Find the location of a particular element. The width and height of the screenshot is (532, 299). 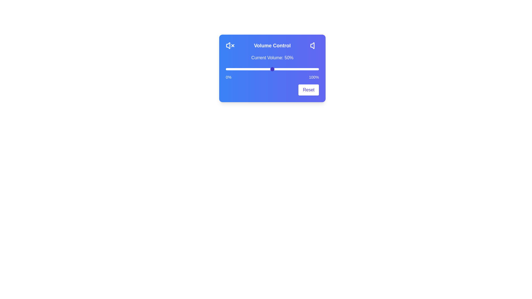

the volume slider to 21% is located at coordinates (245, 69).